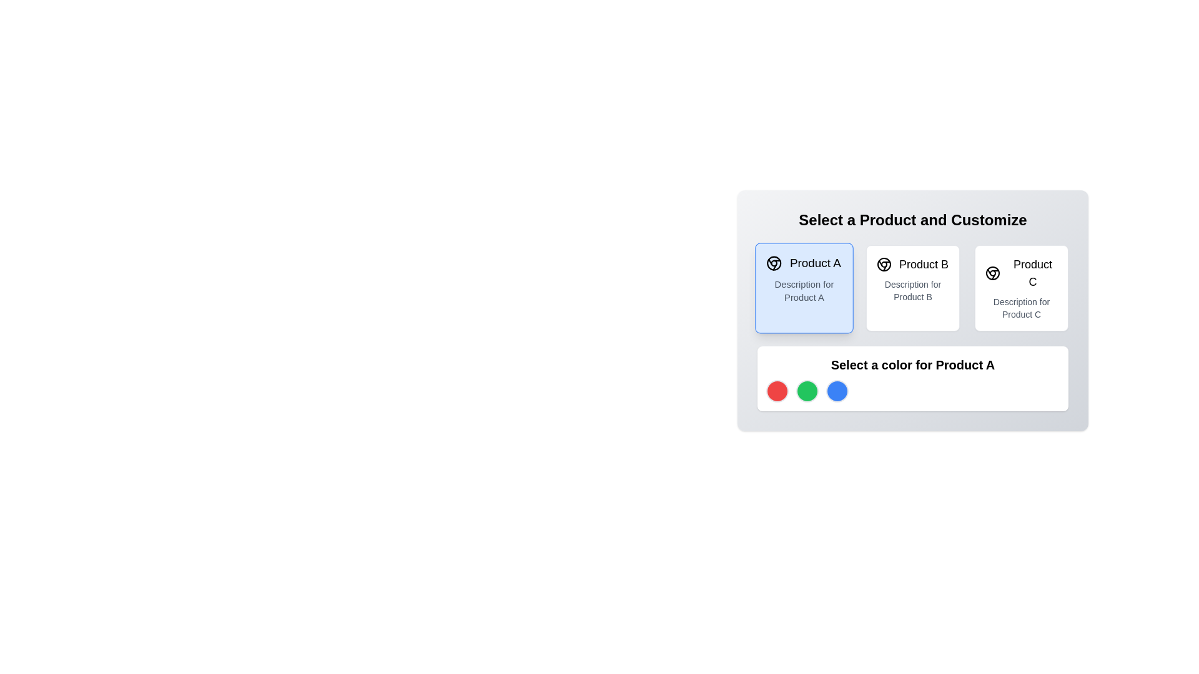  Describe the element at coordinates (992, 273) in the screenshot. I see `the first circle SVG graphical element that represents a component of the logo, located adjacent to Product C's description` at that location.